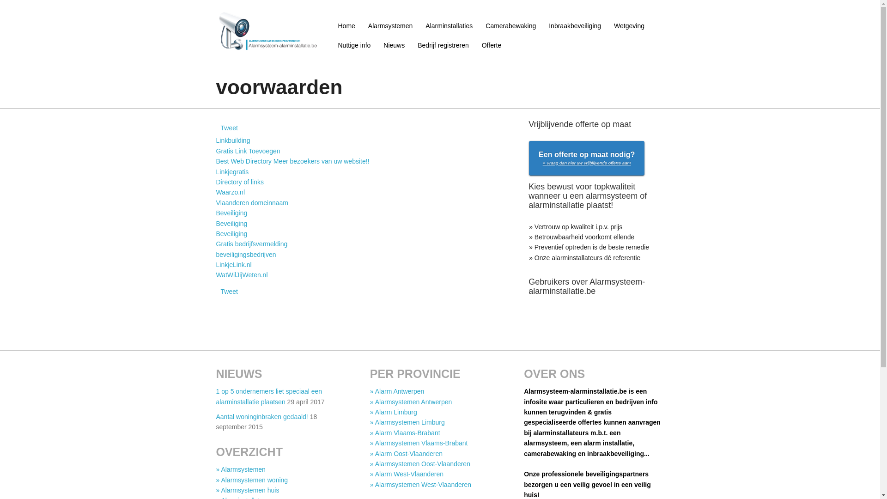 This screenshot has height=499, width=887. Describe the element at coordinates (246, 255) in the screenshot. I see `'beveiligingsbedrijven'` at that location.